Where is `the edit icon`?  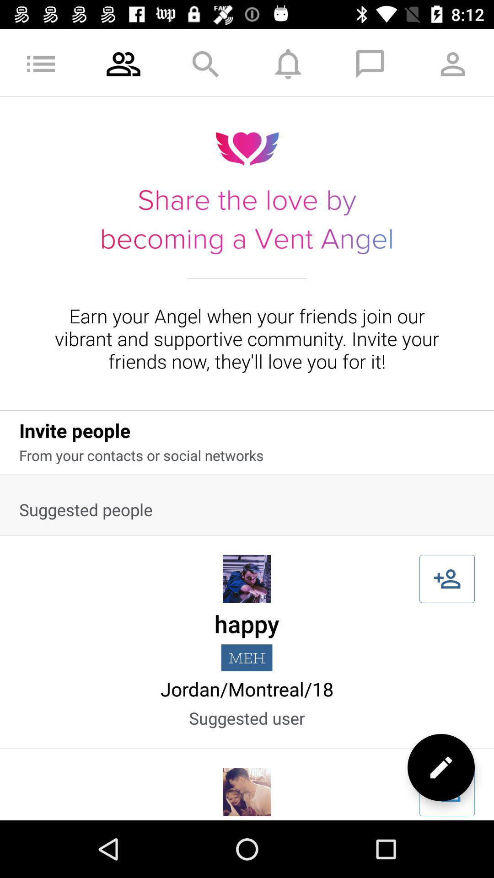
the edit icon is located at coordinates (440, 767).